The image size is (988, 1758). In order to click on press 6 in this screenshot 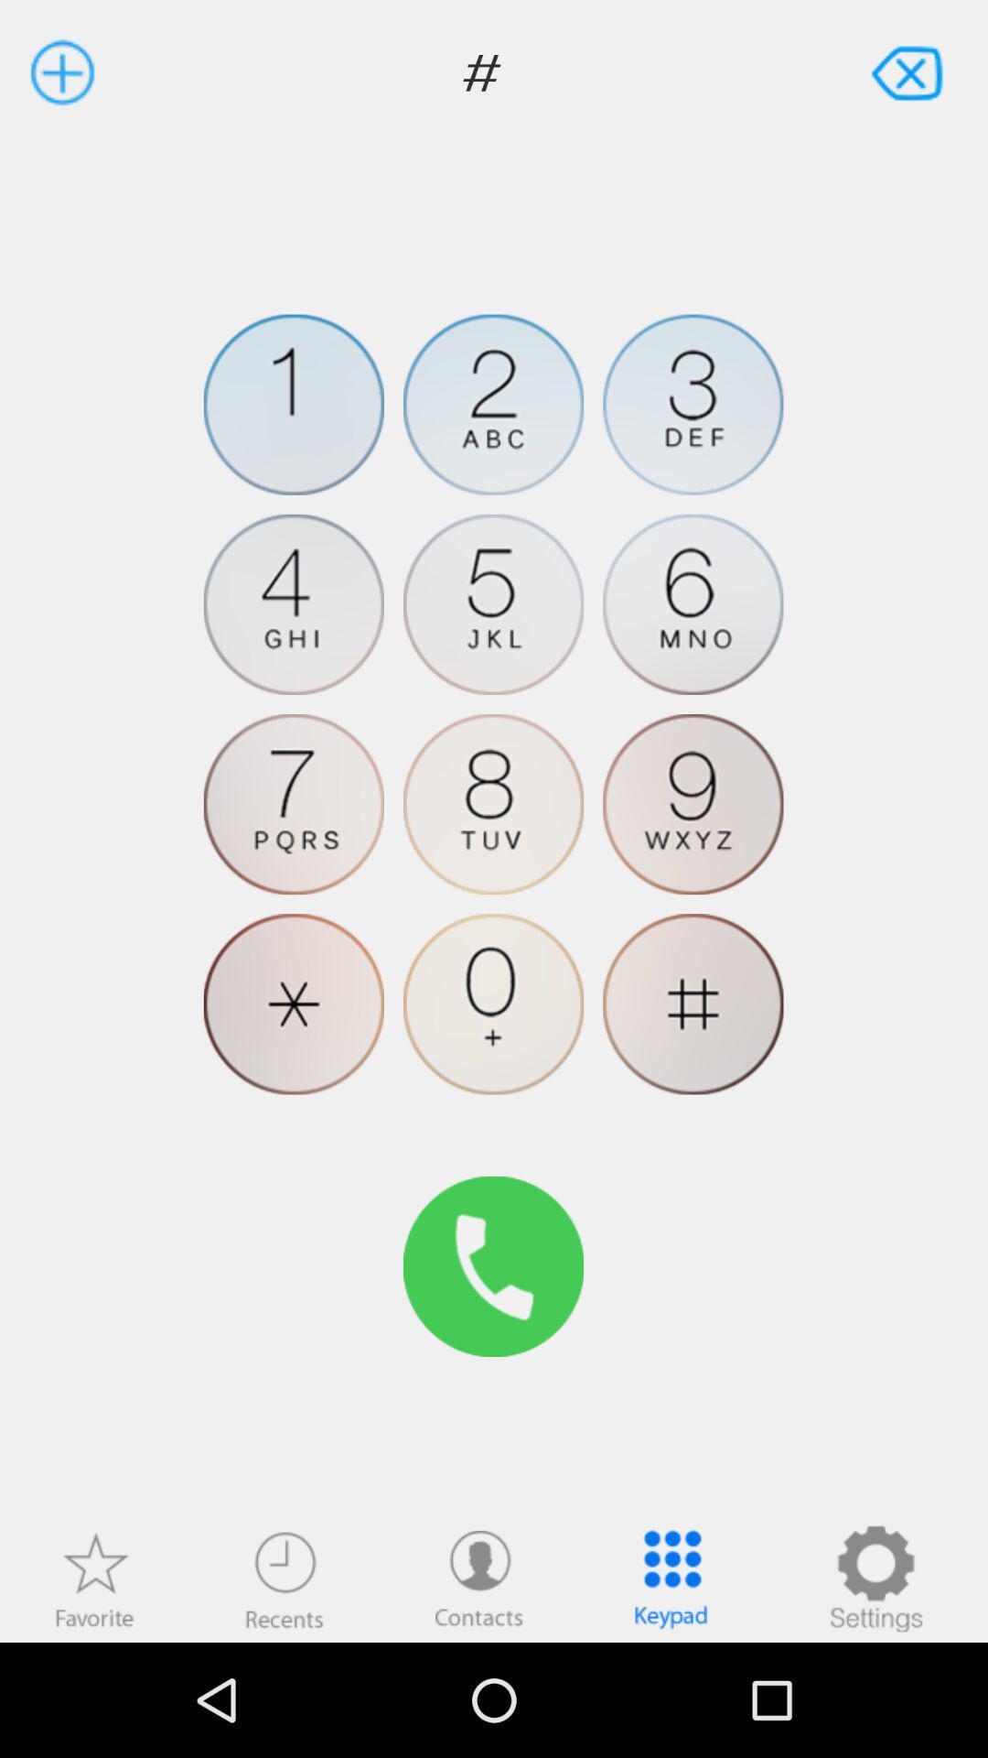, I will do `click(693, 604)`.